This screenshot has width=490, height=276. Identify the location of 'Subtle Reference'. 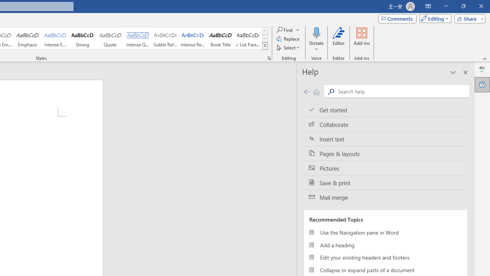
(165, 38).